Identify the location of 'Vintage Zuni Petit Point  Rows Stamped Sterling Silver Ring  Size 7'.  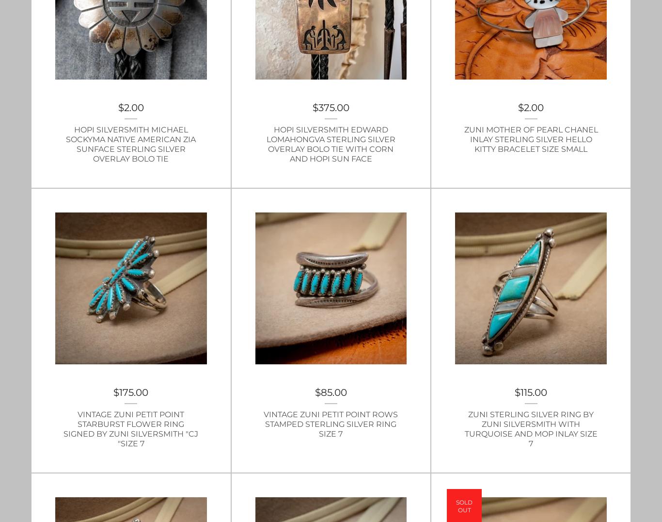
(330, 424).